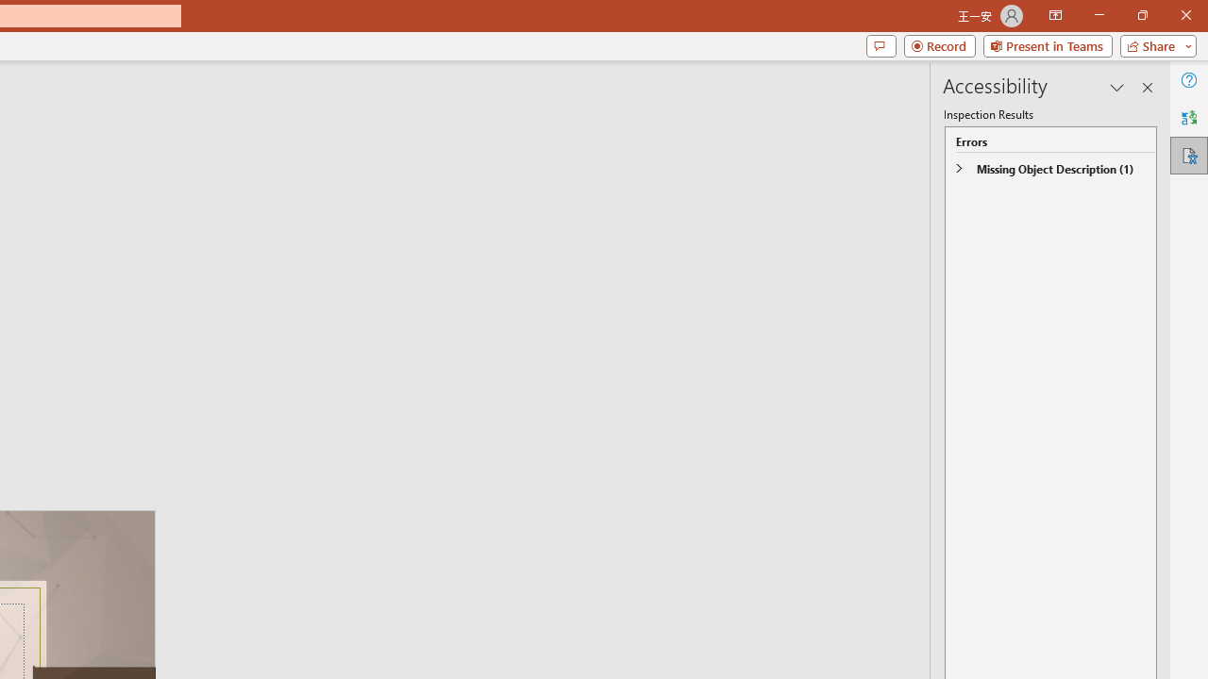 This screenshot has width=1208, height=679. Describe the element at coordinates (1117, 87) in the screenshot. I see `'Task Pane Options'` at that location.